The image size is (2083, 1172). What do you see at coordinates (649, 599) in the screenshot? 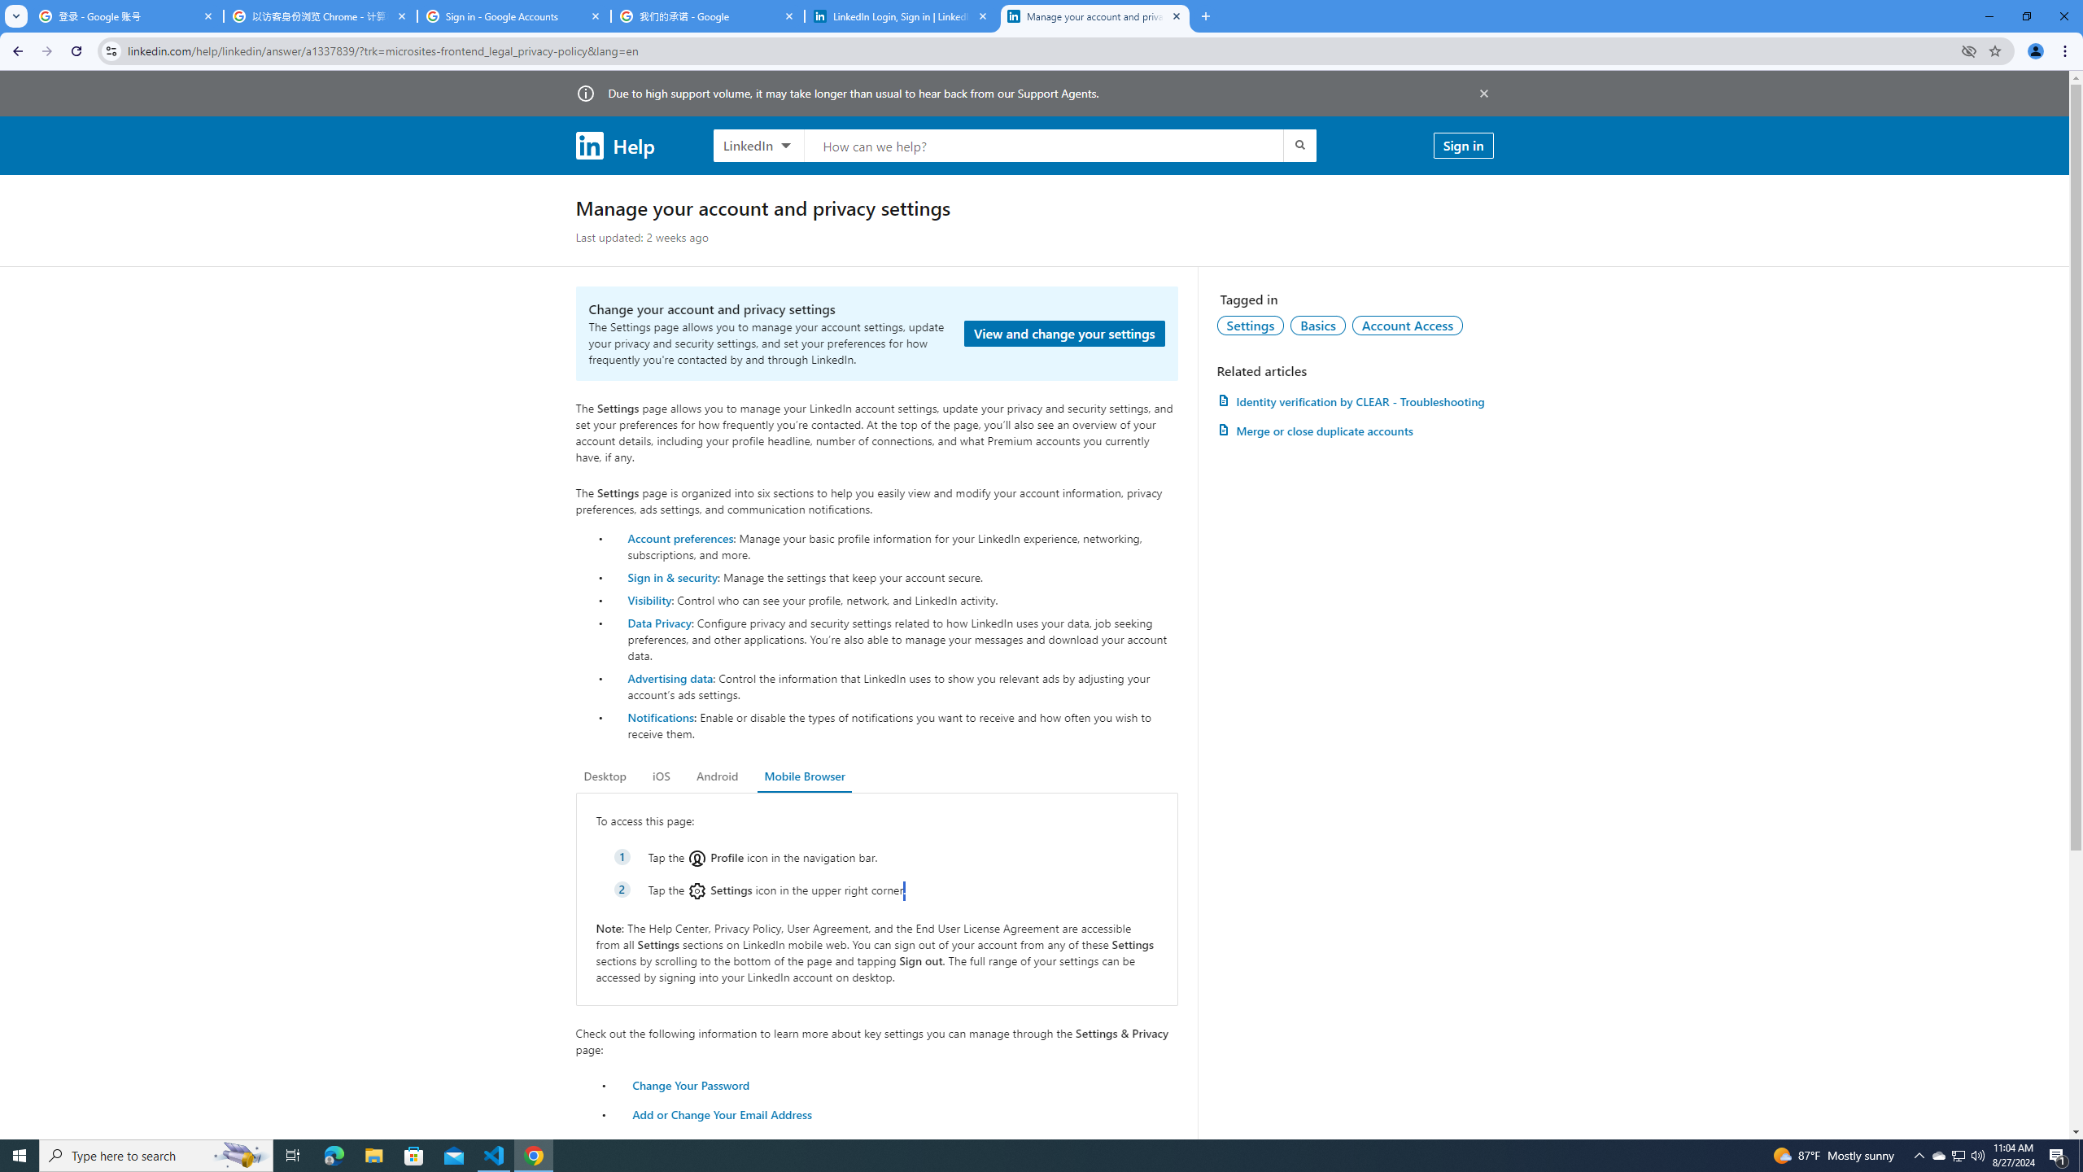
I see `'Visibility'` at bounding box center [649, 599].